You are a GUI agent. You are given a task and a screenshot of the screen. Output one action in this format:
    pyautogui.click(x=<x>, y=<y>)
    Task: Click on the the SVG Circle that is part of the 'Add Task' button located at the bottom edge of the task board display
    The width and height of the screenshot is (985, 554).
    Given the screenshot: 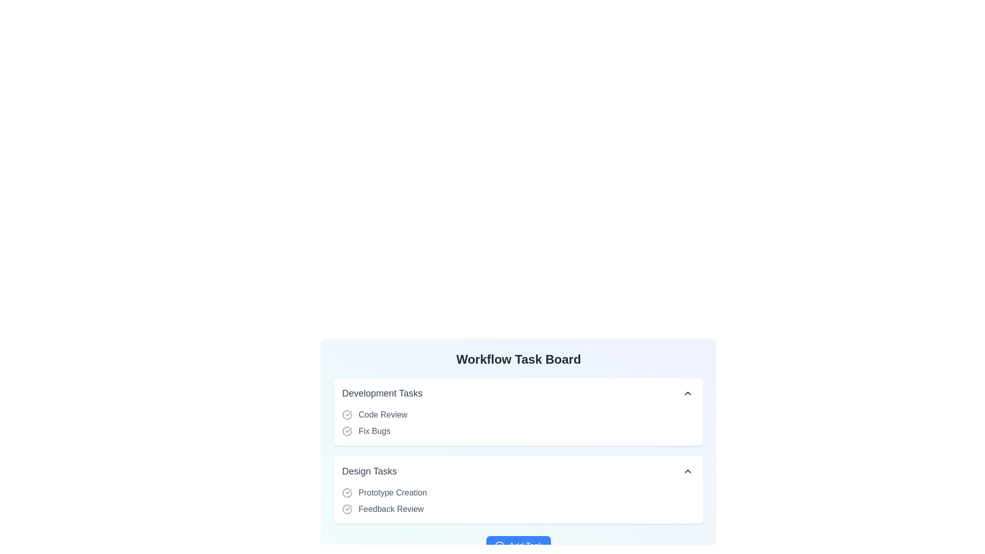 What is the action you would take?
    pyautogui.click(x=500, y=545)
    